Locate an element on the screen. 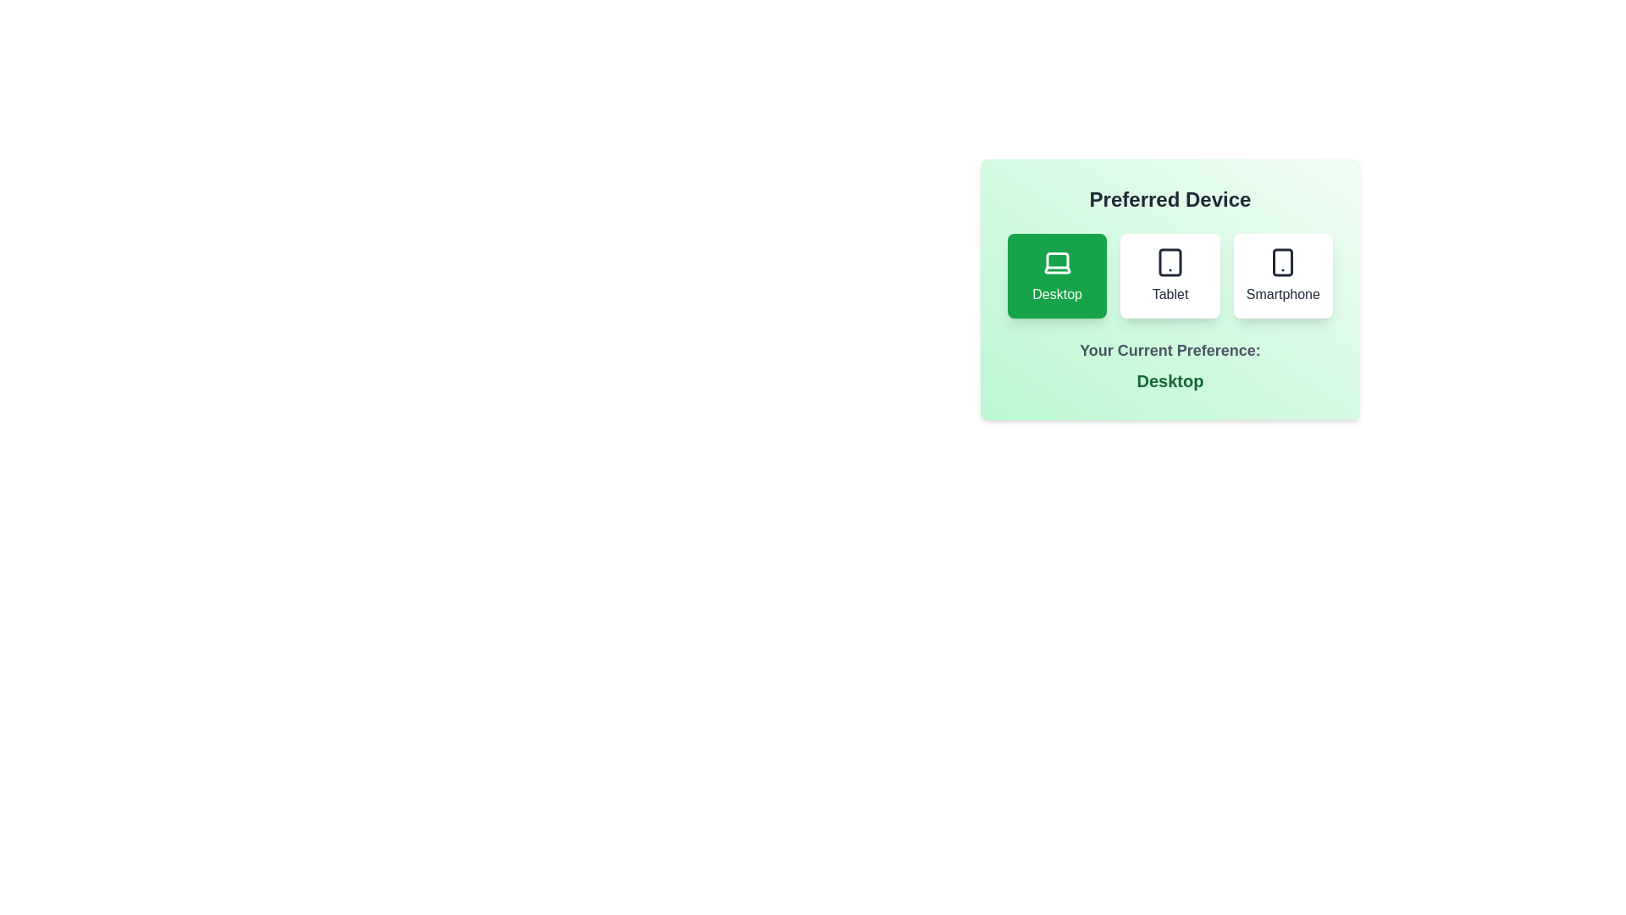 The image size is (1626, 915). the preferred device by clicking on the corresponding button for Tablet is located at coordinates (1170, 275).